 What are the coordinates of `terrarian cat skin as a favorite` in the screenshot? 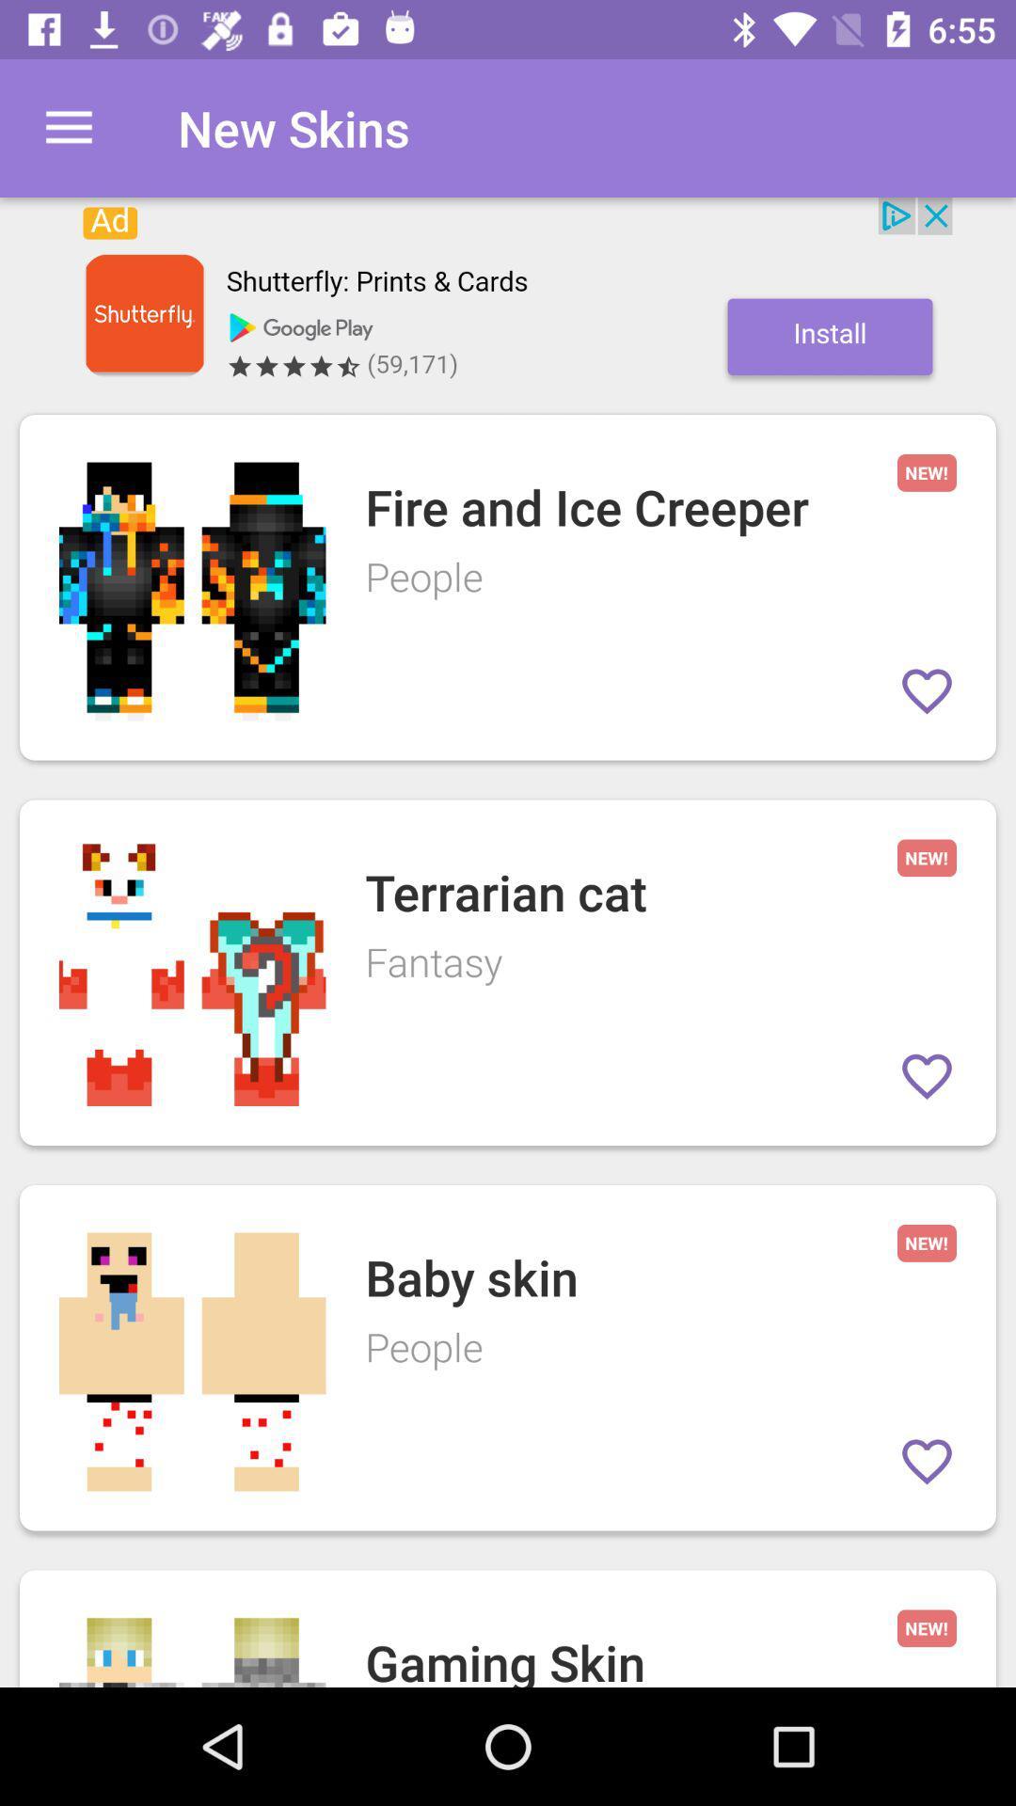 It's located at (926, 1076).